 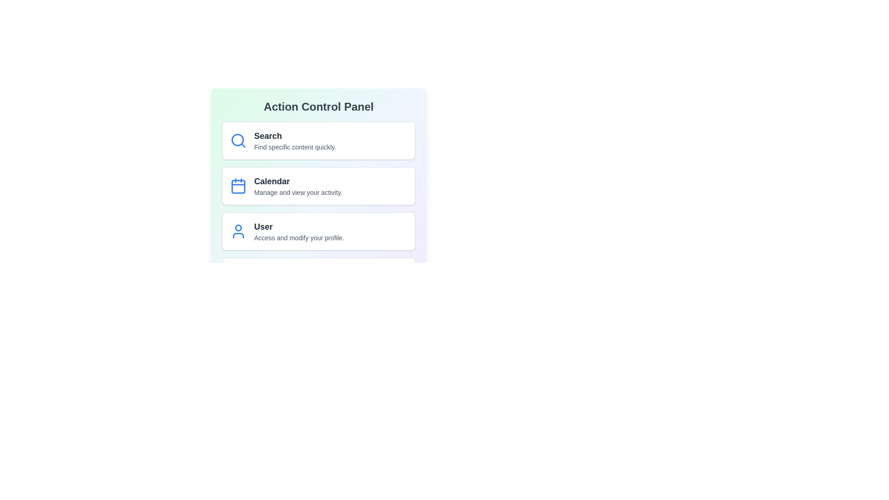 What do you see at coordinates (294, 146) in the screenshot?
I see `the descriptive Text label under the 'Search' title` at bounding box center [294, 146].